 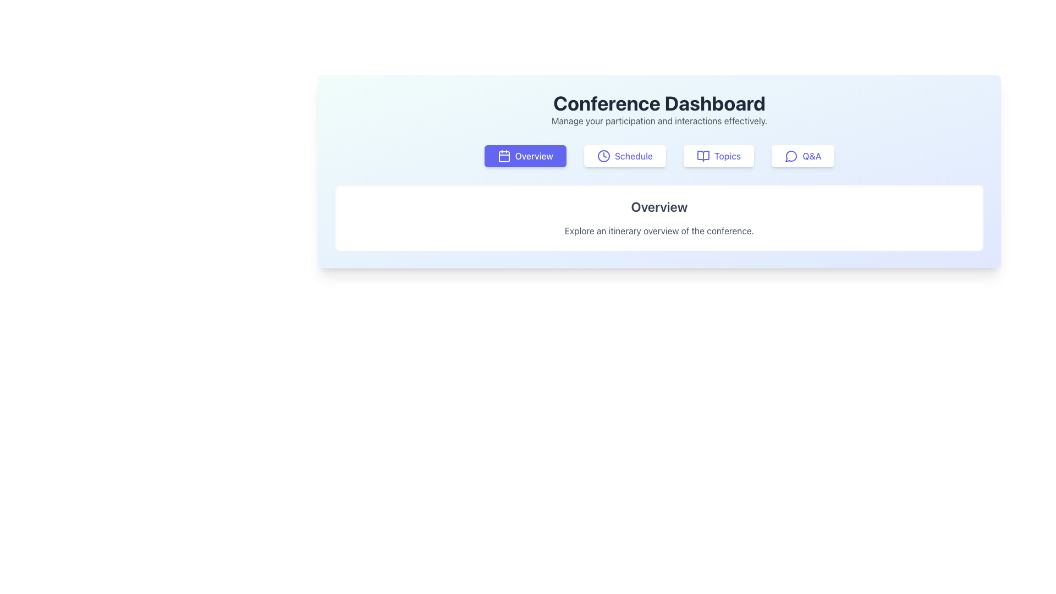 I want to click on the 'Q&A' button, which is the fourth button in a horizontal row of buttons including 'Overview', 'Schedule', and 'Topics', so click(x=802, y=156).